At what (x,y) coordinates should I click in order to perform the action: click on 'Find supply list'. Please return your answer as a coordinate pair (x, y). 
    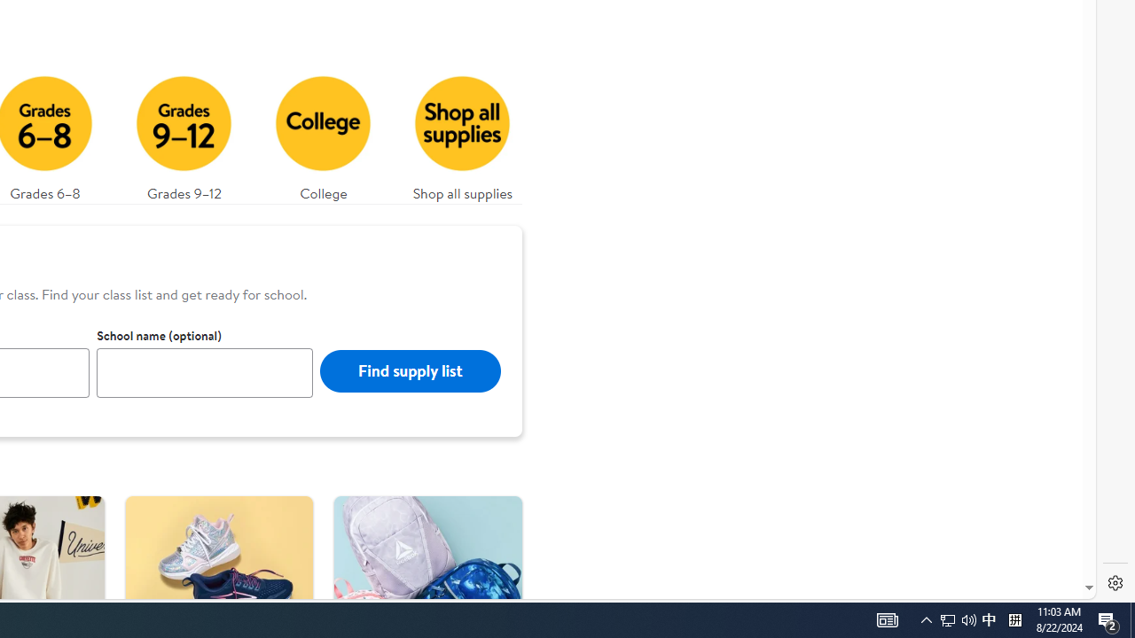
    Looking at the image, I should click on (409, 370).